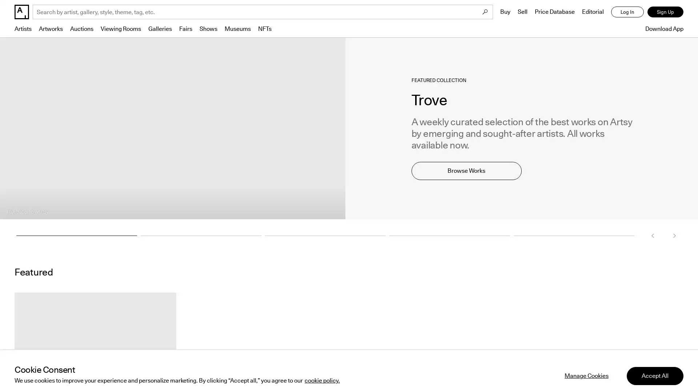 The height and width of the screenshot is (392, 698). I want to click on Download App, so click(662, 28).